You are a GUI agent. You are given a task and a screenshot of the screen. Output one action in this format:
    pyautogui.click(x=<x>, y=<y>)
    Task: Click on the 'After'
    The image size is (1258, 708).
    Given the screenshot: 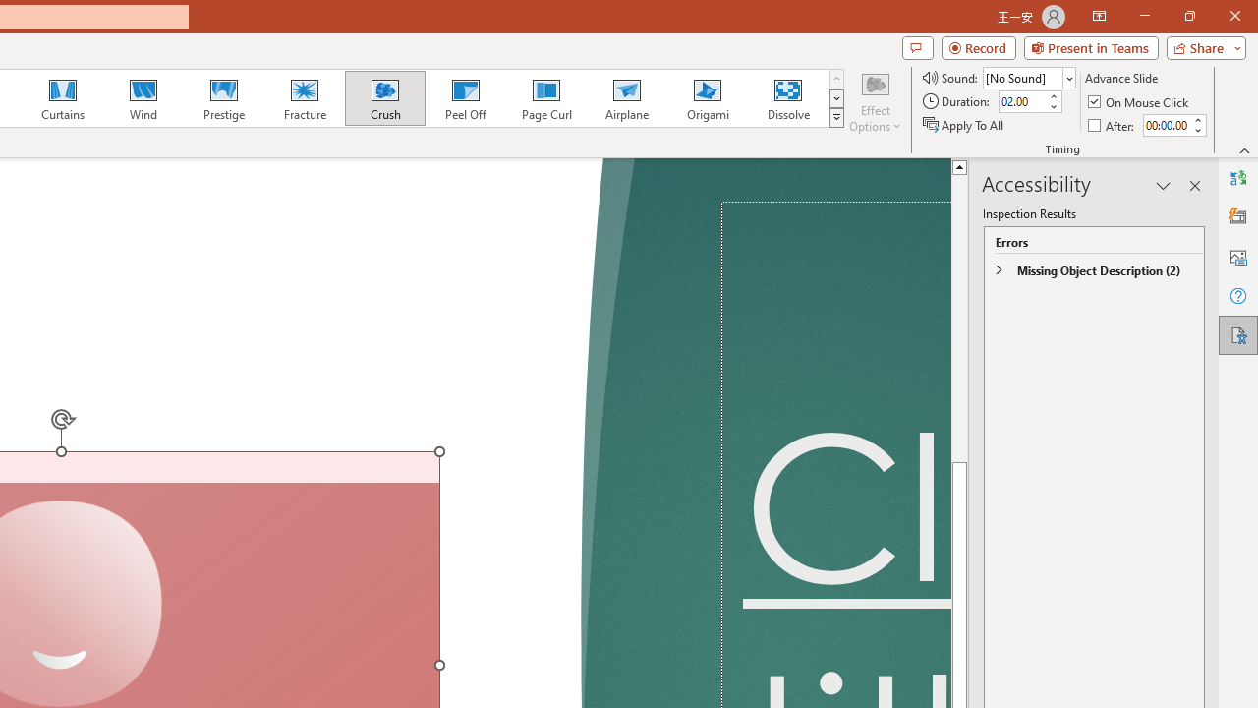 What is the action you would take?
    pyautogui.click(x=1113, y=125)
    